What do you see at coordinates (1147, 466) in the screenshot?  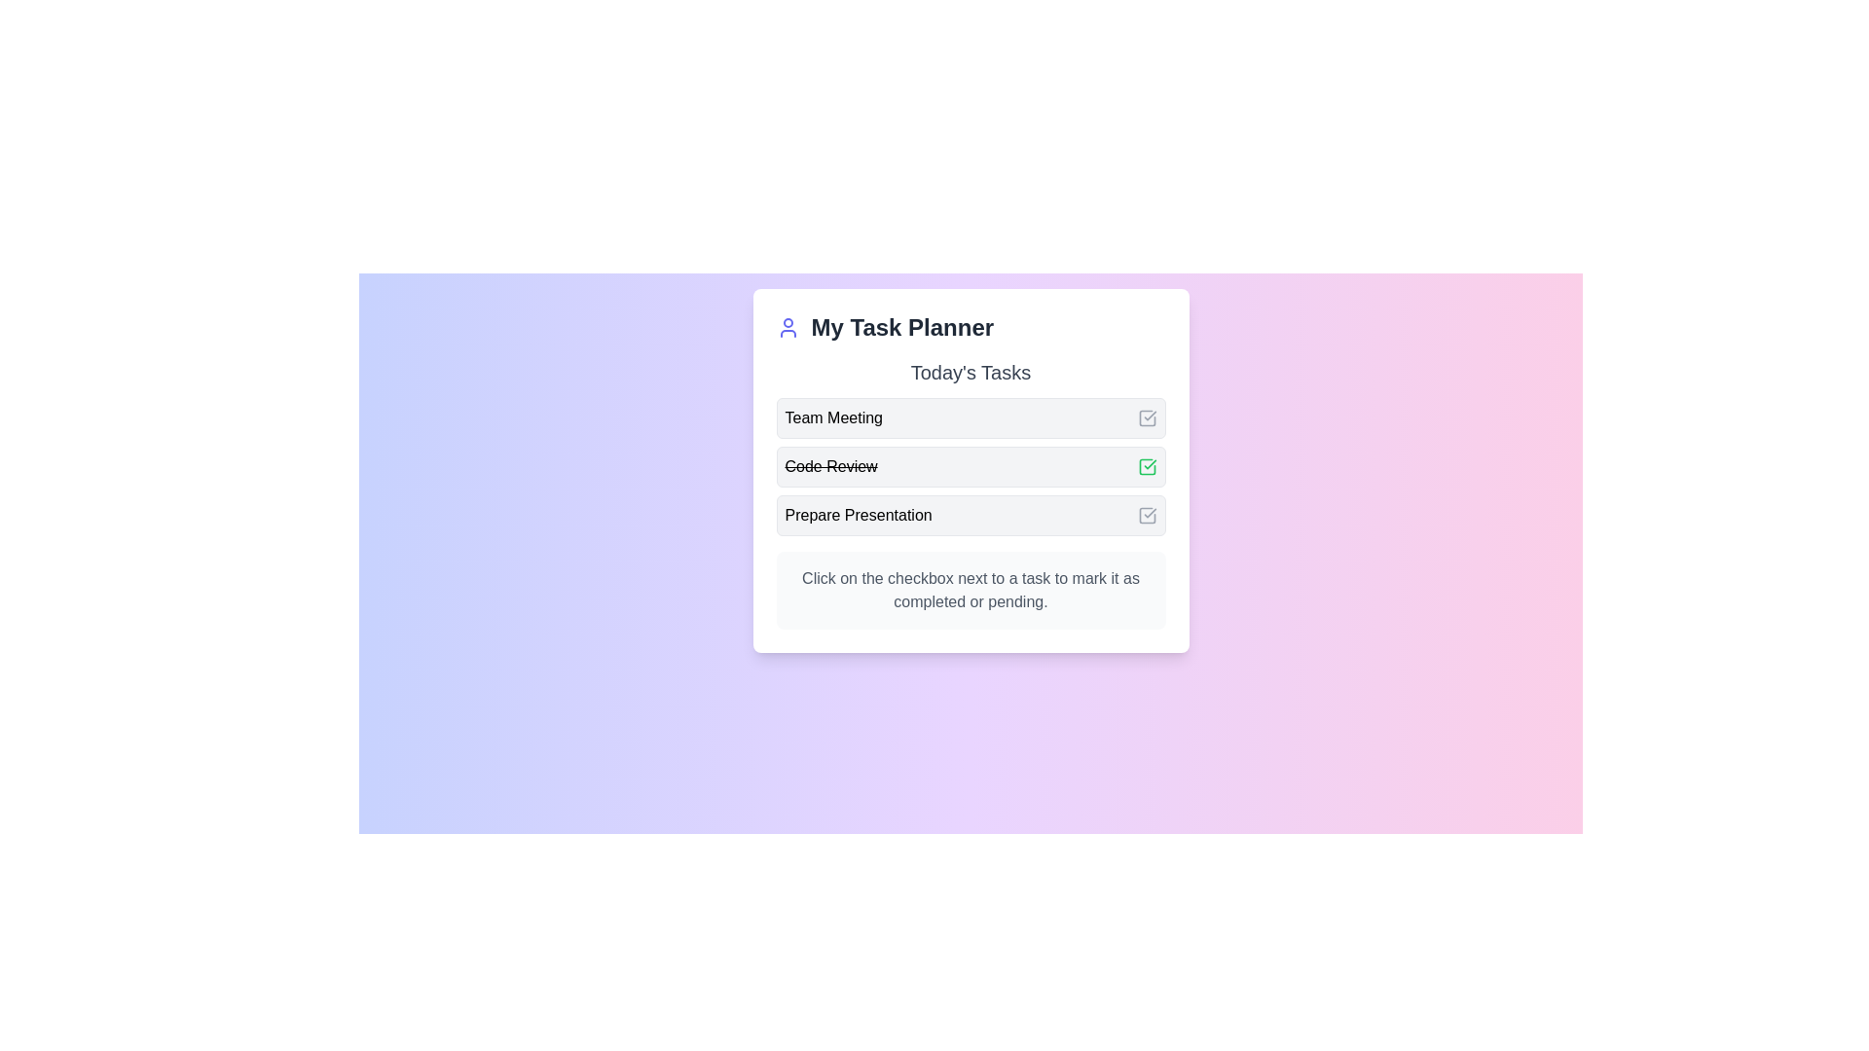 I see `the green checkbox icon to the right of the 'Code Review' task` at bounding box center [1147, 466].